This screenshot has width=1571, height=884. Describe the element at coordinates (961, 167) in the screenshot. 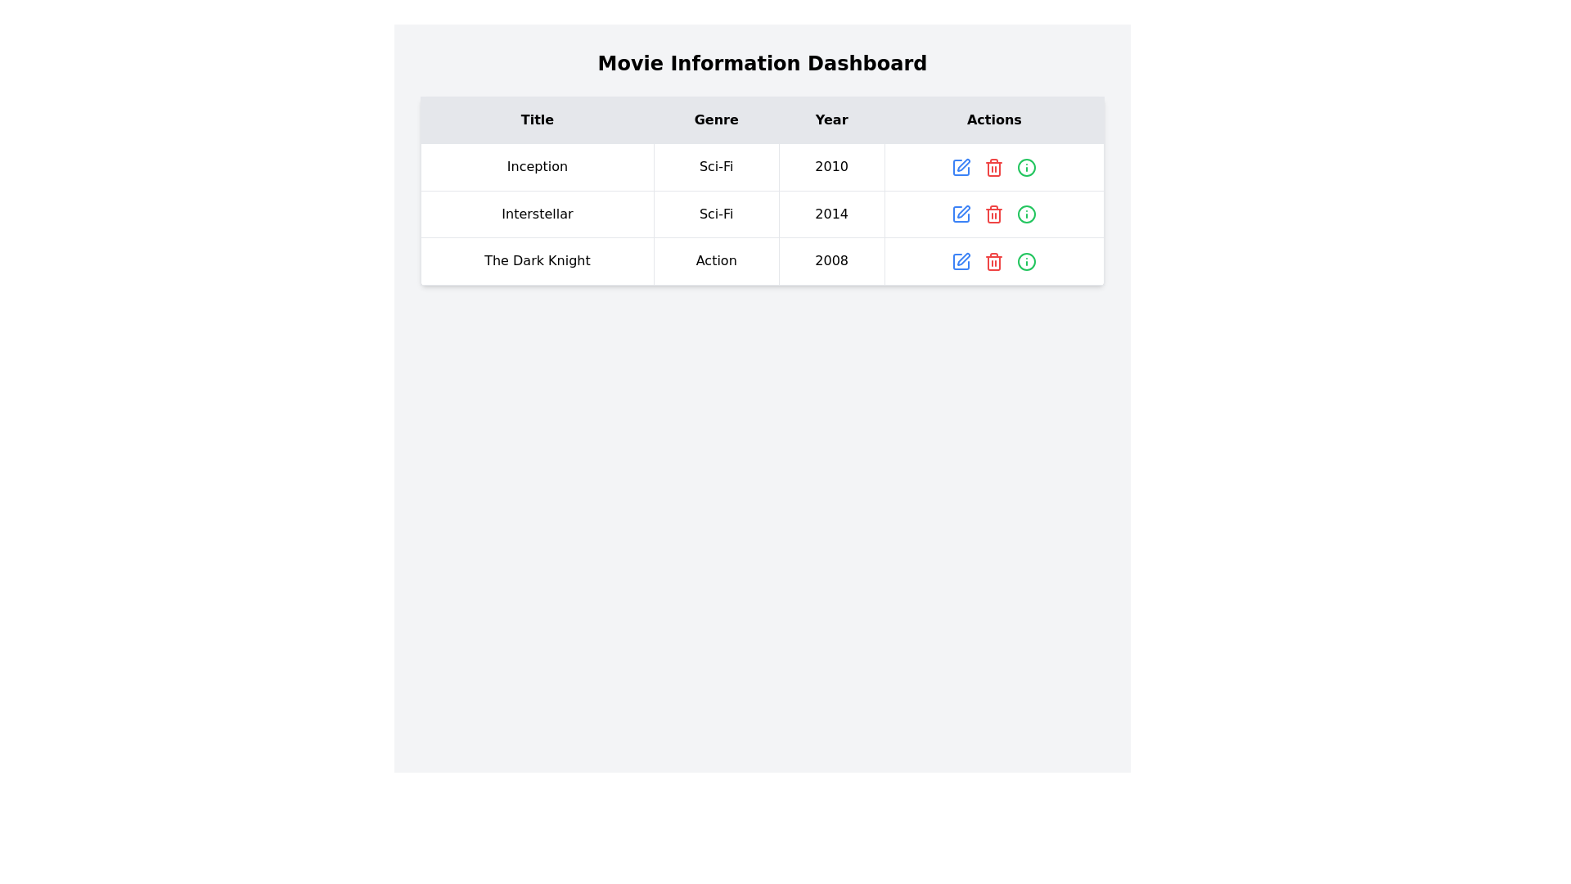

I see `the interactive button in the 'Actions' column of the first row in the movie details table` at that location.